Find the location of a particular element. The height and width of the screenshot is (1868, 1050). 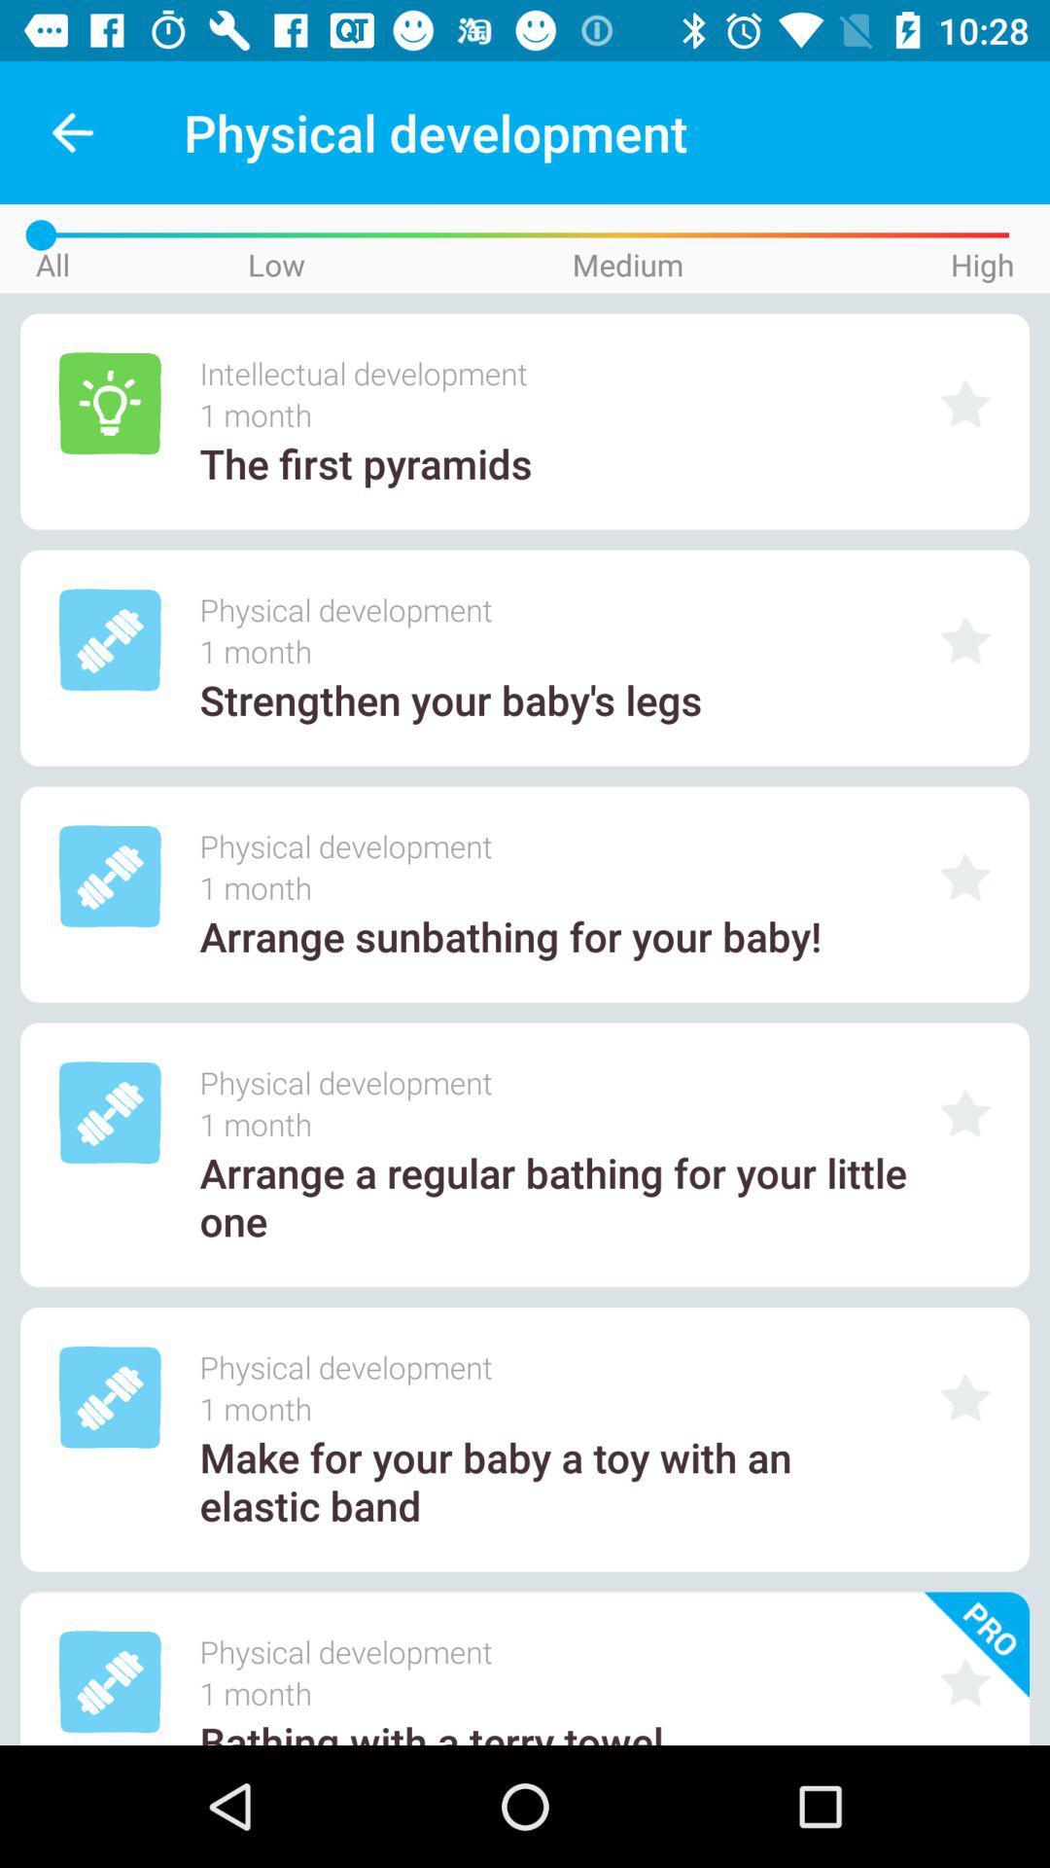

make it to favourite is located at coordinates (965, 403).